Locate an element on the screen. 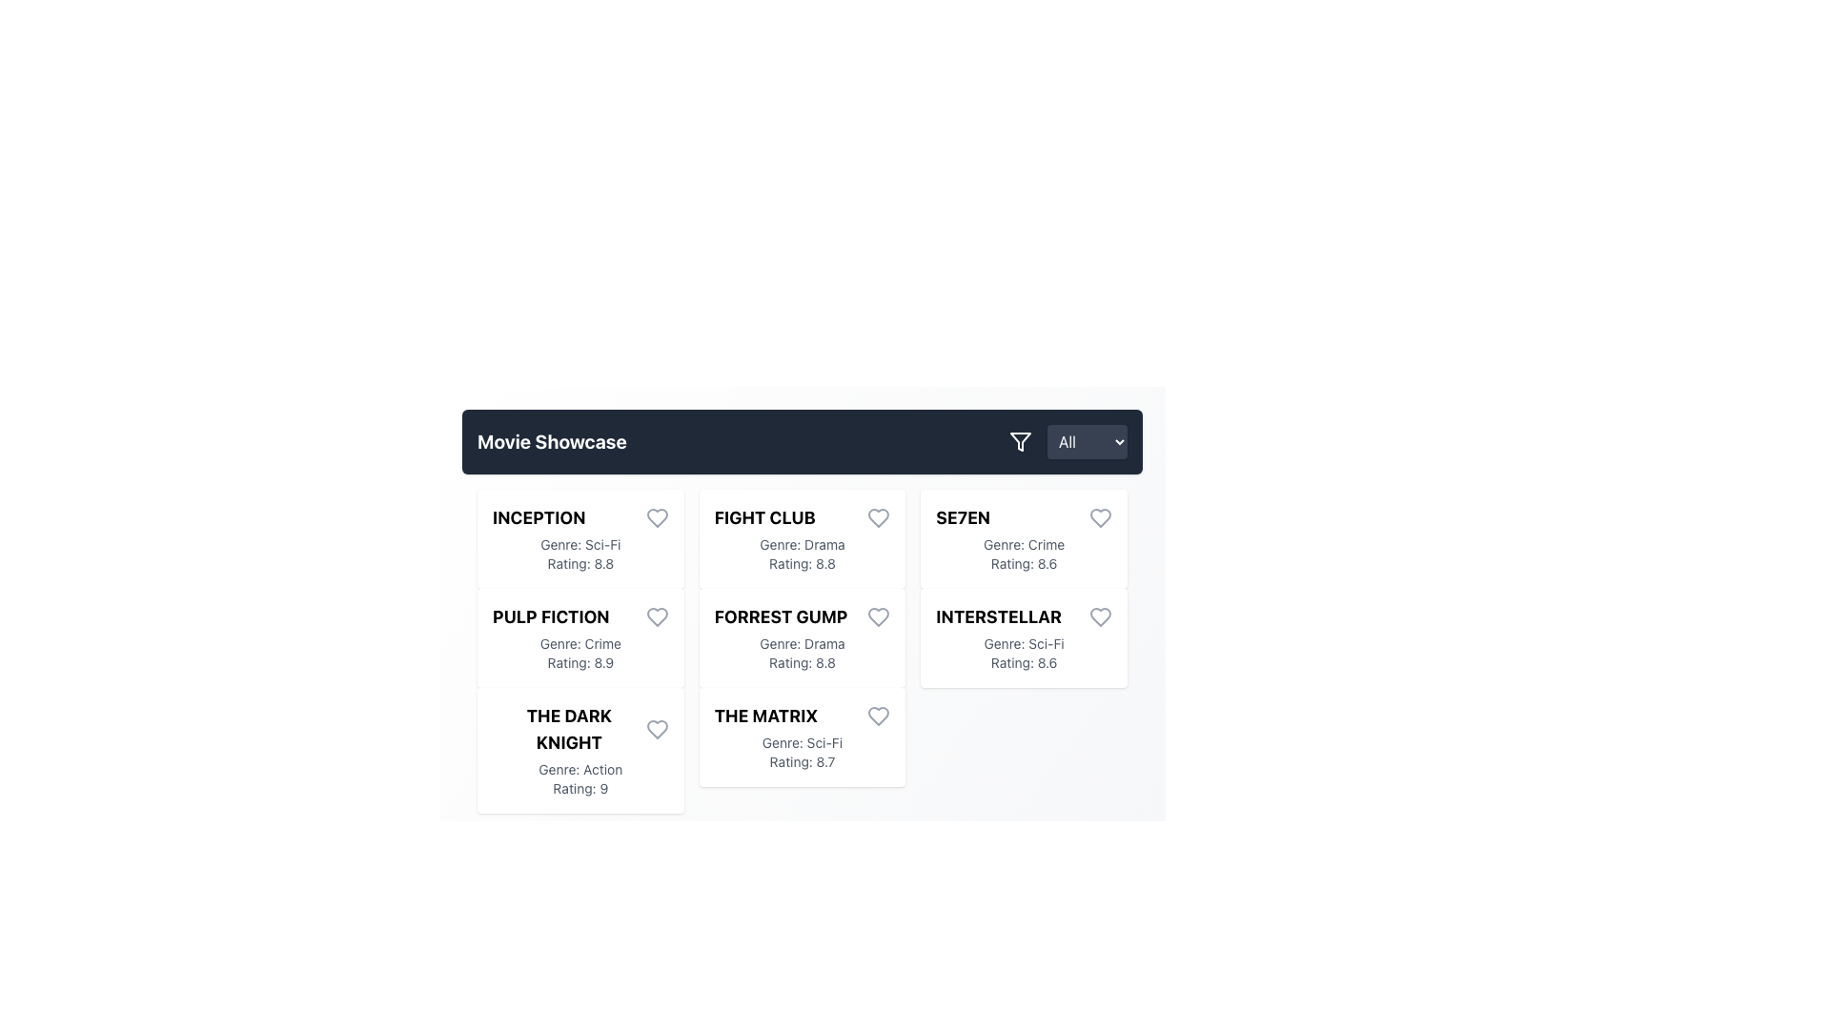  the text label displaying the genre and rating of the movie 'Se7en', which shows 'Genre: Crime' and 'Rating: 8.6' in light gray color below the movie title is located at coordinates (1023, 555).